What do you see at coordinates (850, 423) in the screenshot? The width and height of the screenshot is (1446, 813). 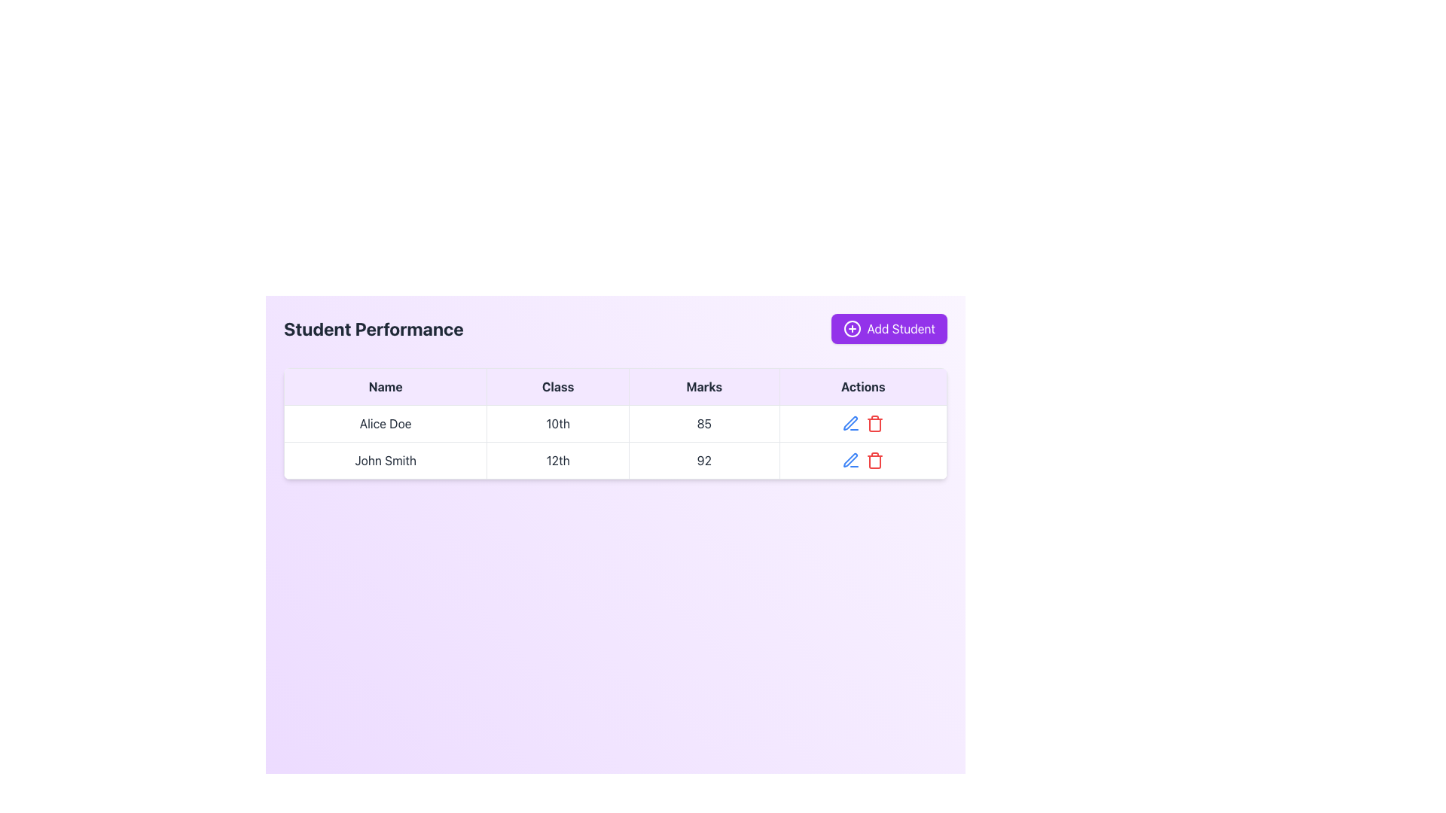 I see `the edit button in the Actions column of the second row of the table to enter editing mode for the entry associated with user 'John Smith'` at bounding box center [850, 423].